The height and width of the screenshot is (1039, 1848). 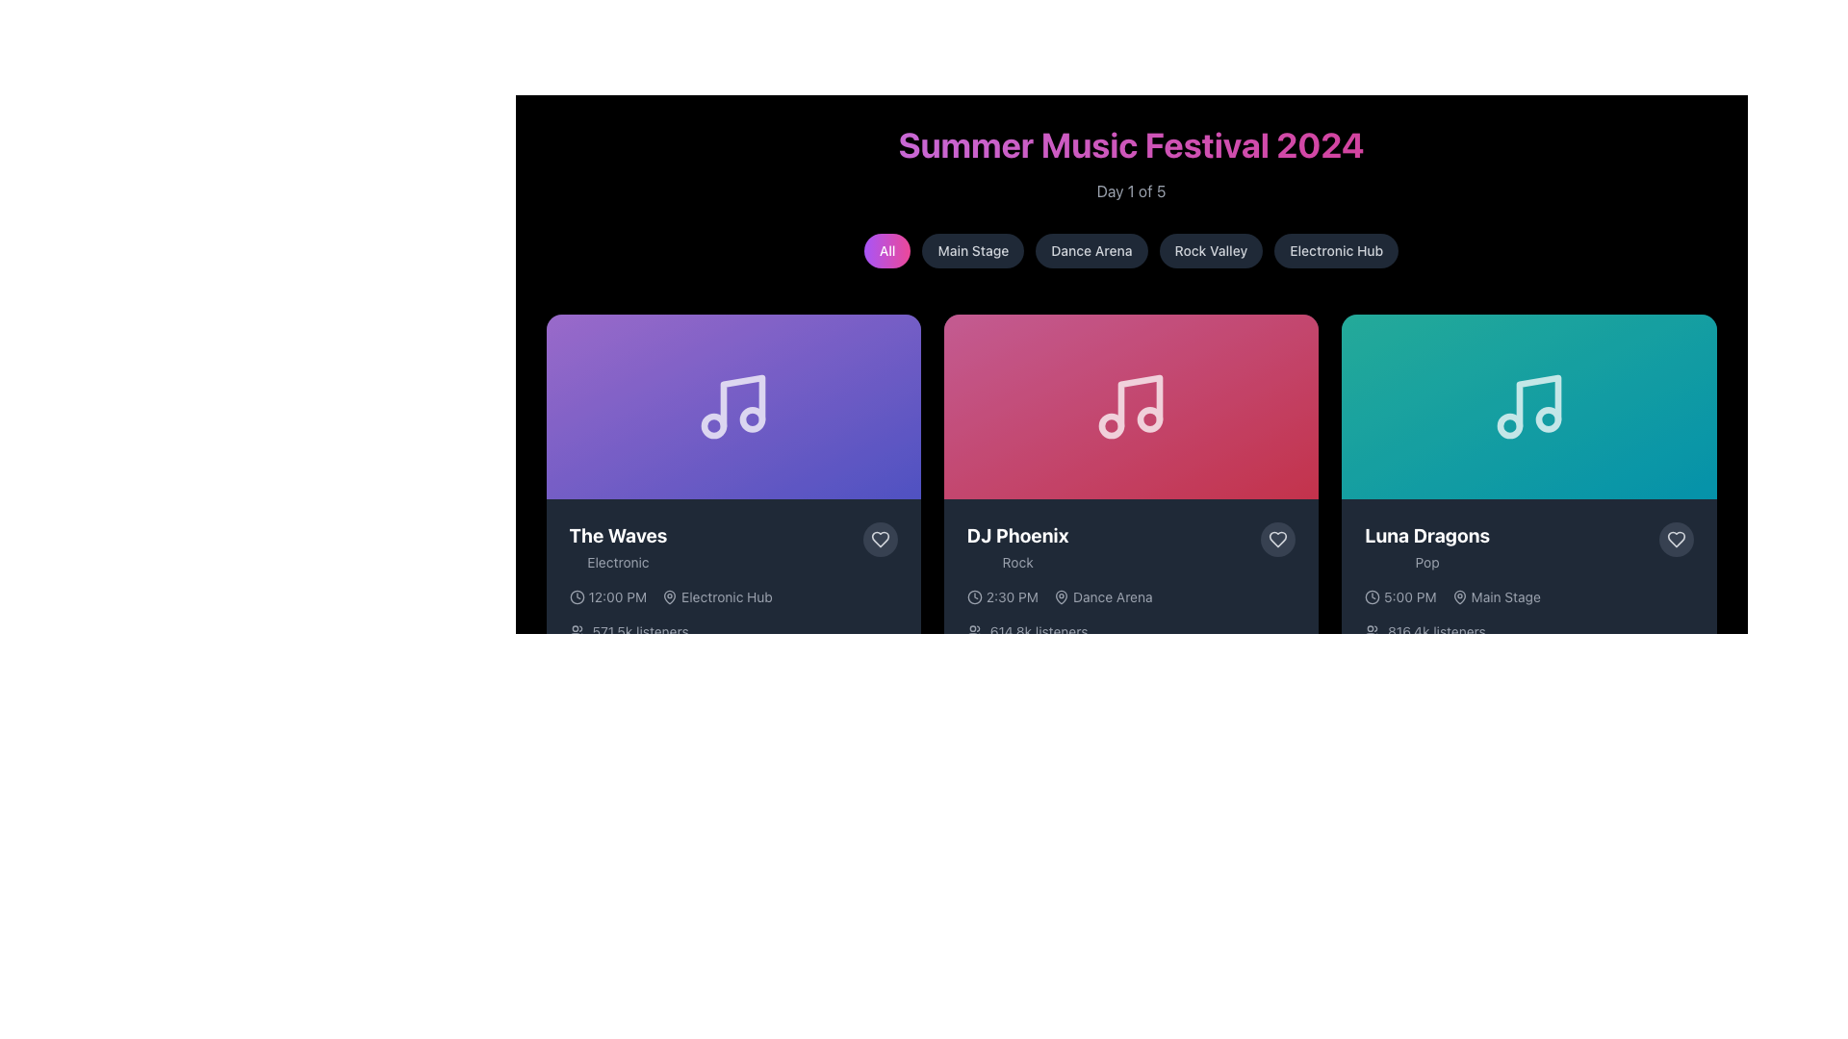 What do you see at coordinates (1131, 631) in the screenshot?
I see `the informational text element displaying the number of listeners associated with 'DJ Phoenix', which is located below the event details and above the 'View Set Details' button` at bounding box center [1131, 631].